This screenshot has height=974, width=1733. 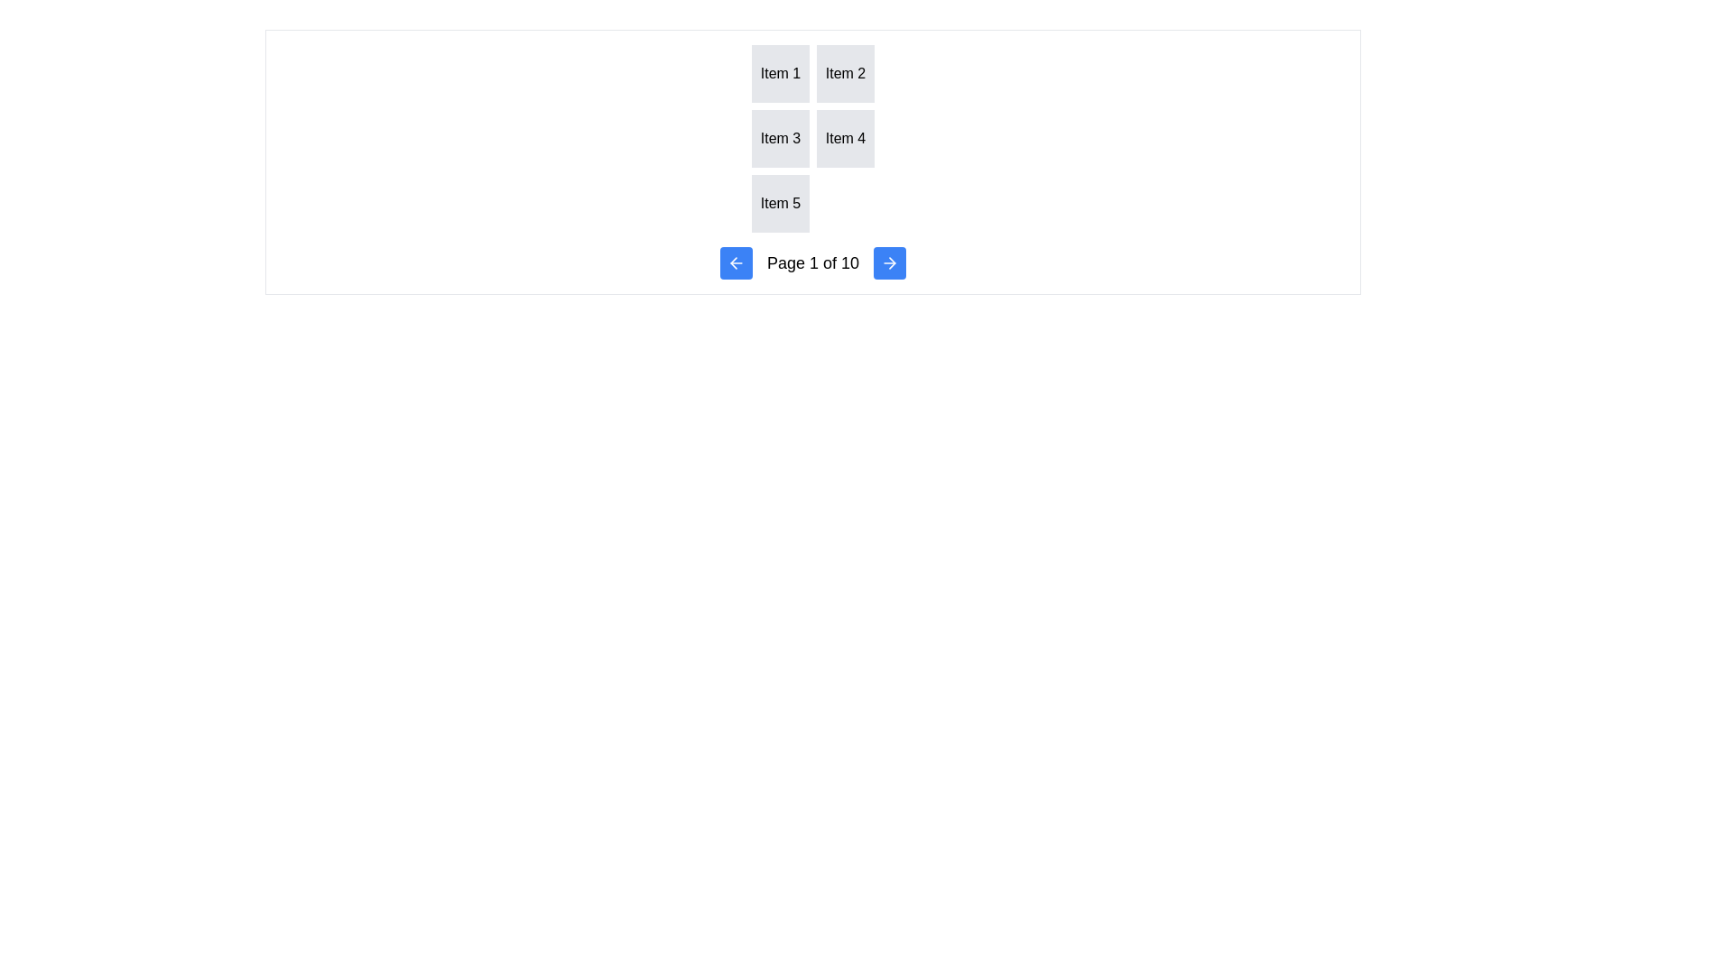 I want to click on the Box containing the text 'Item 3', which is the third item in a grid layout positioned in the second row, first column, so click(x=780, y=138).